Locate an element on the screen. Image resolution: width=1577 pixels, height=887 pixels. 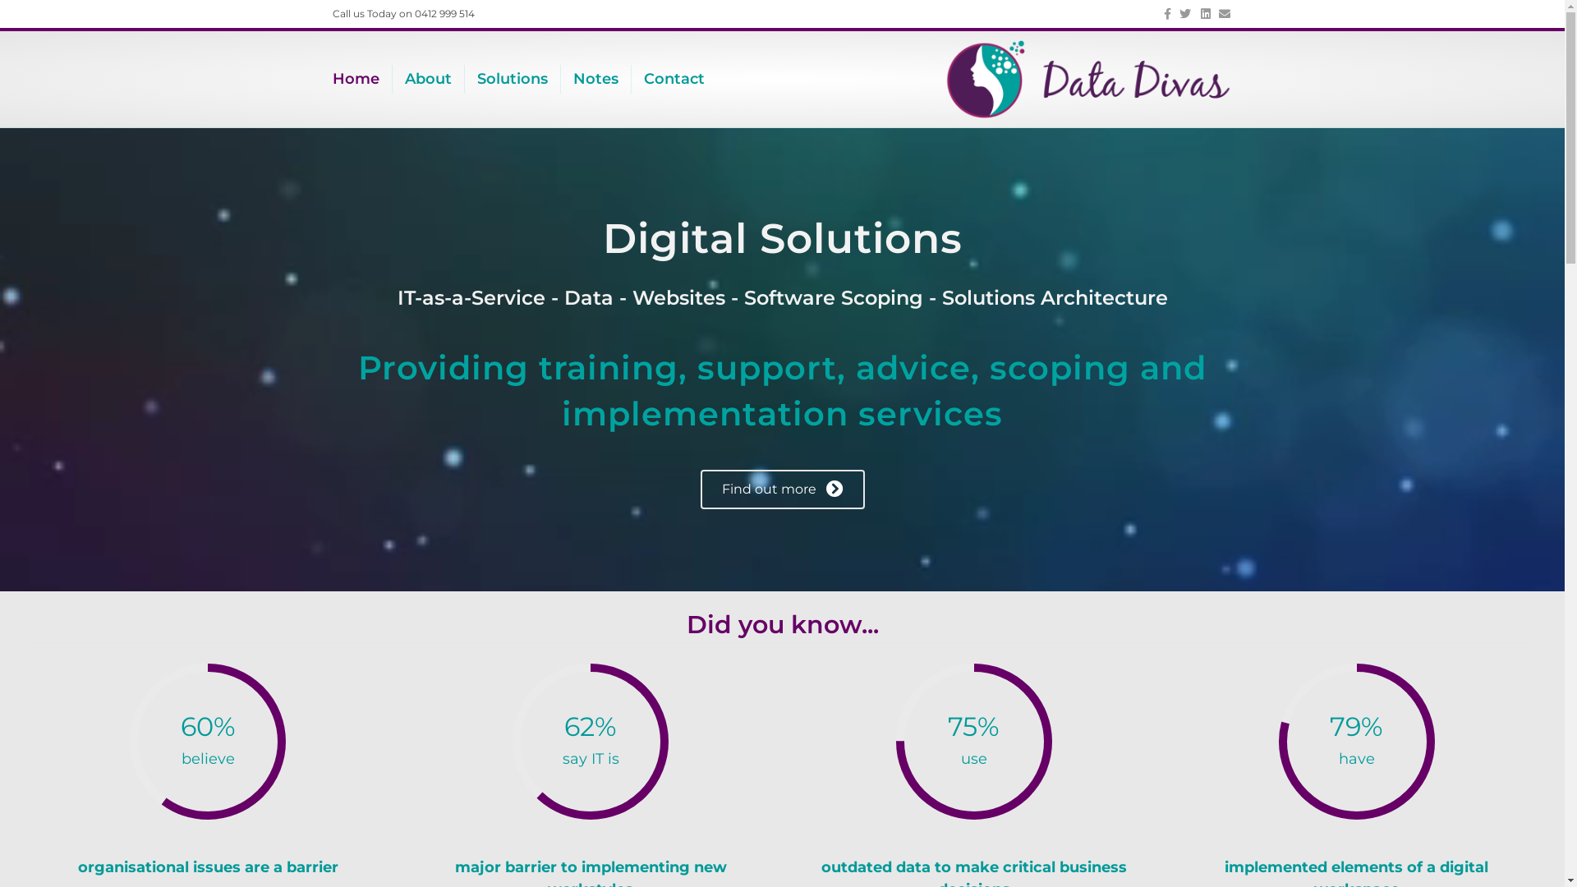
'About' is located at coordinates (429, 79).